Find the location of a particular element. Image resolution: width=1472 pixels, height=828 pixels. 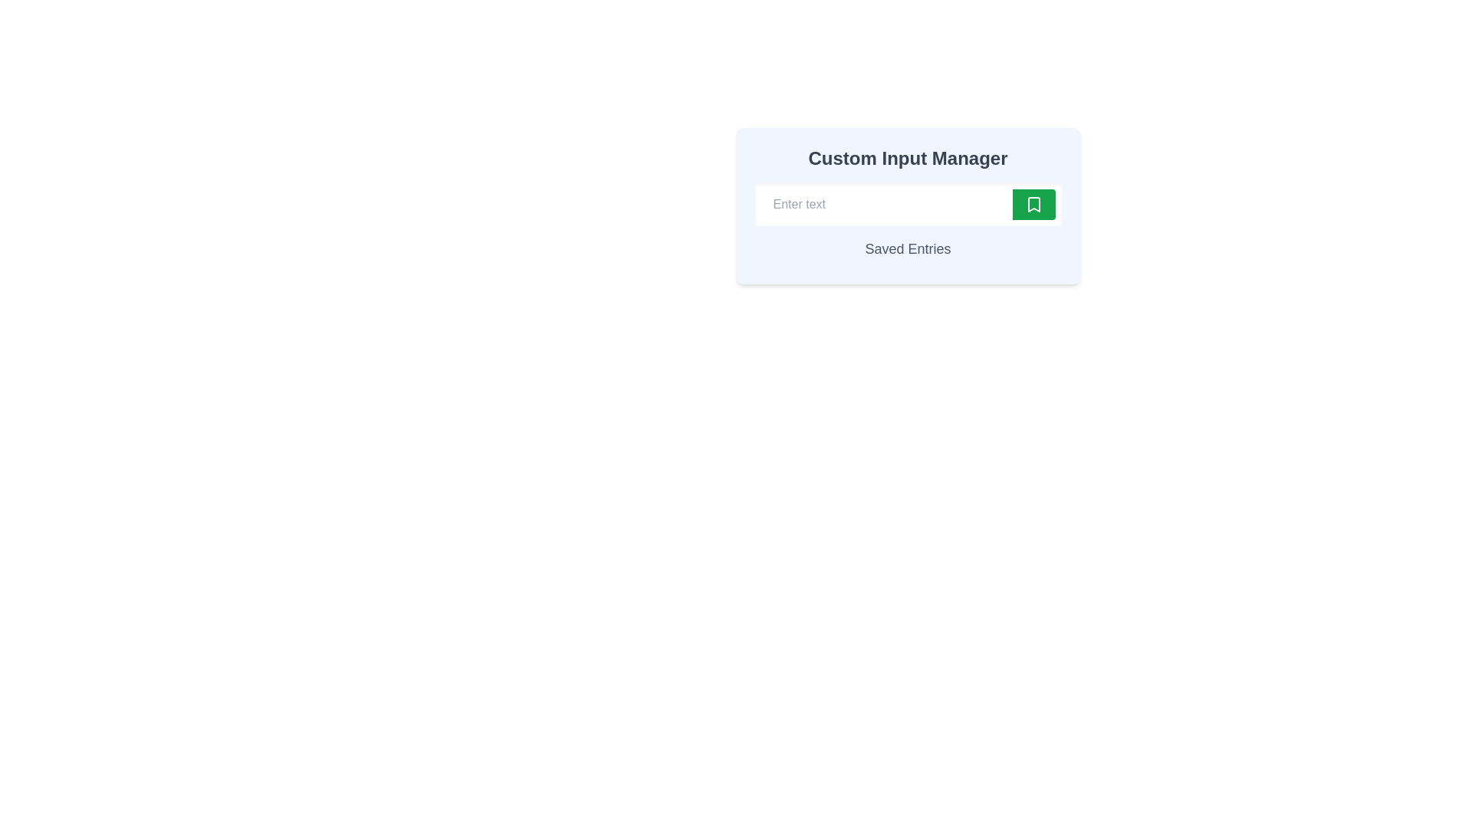

the save/bookmark icon located inside the green square adjacent is located at coordinates (1033, 203).